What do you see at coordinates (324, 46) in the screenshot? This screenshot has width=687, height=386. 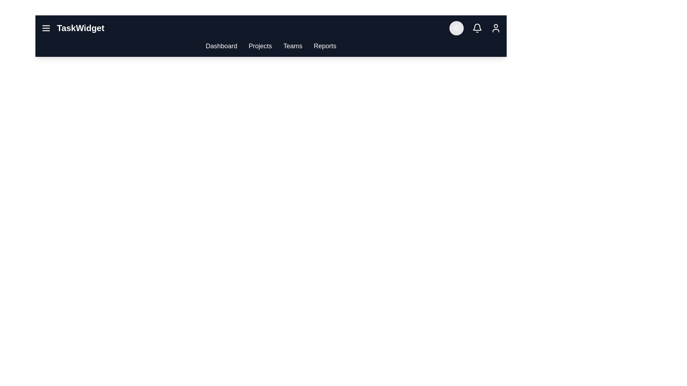 I see `the 'Reports' link to navigate to the Reports section` at bounding box center [324, 46].